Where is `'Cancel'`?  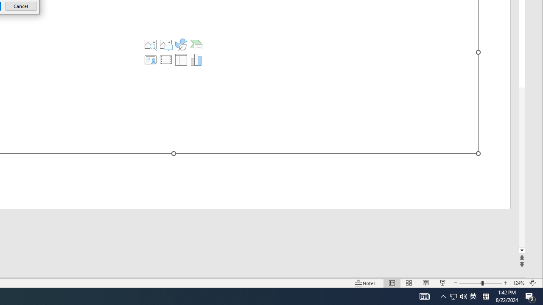
'Cancel' is located at coordinates (21, 6).